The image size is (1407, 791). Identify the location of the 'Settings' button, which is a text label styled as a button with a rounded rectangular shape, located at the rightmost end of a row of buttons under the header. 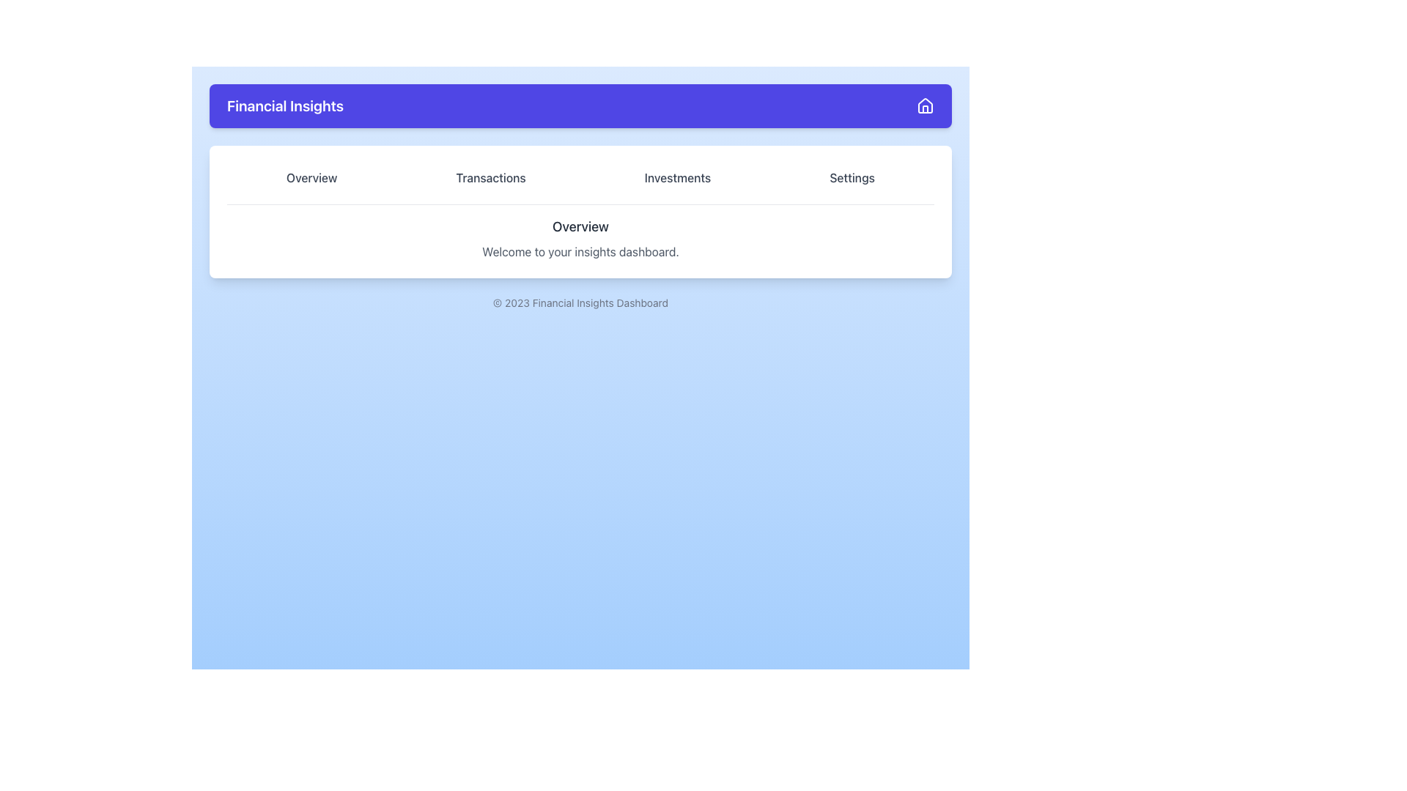
(852, 177).